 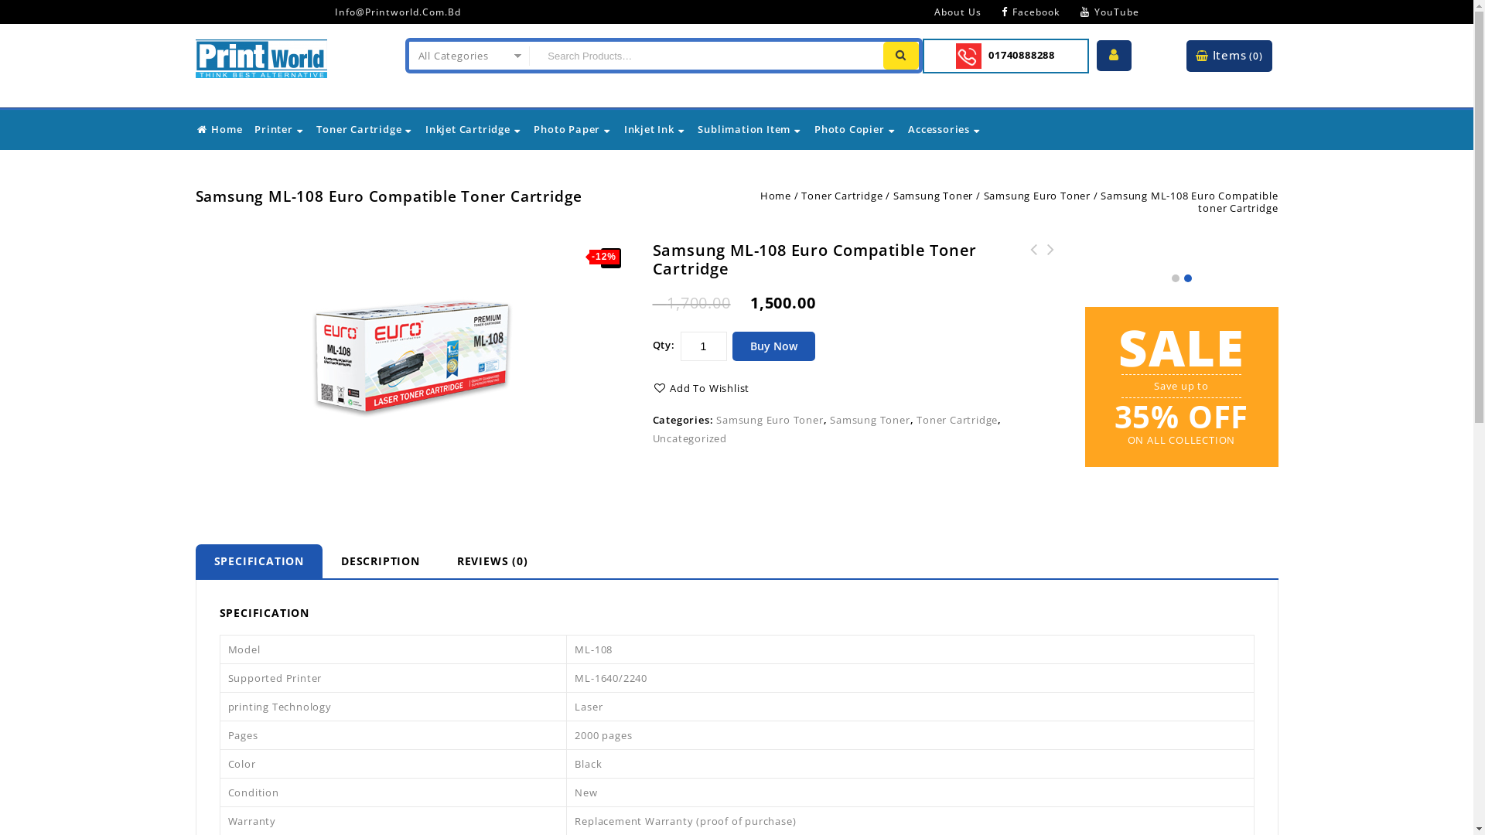 What do you see at coordinates (1034, 267) in the screenshot?
I see `'Samsung ML-116 Euro Compatible Toner Cartridge'` at bounding box center [1034, 267].